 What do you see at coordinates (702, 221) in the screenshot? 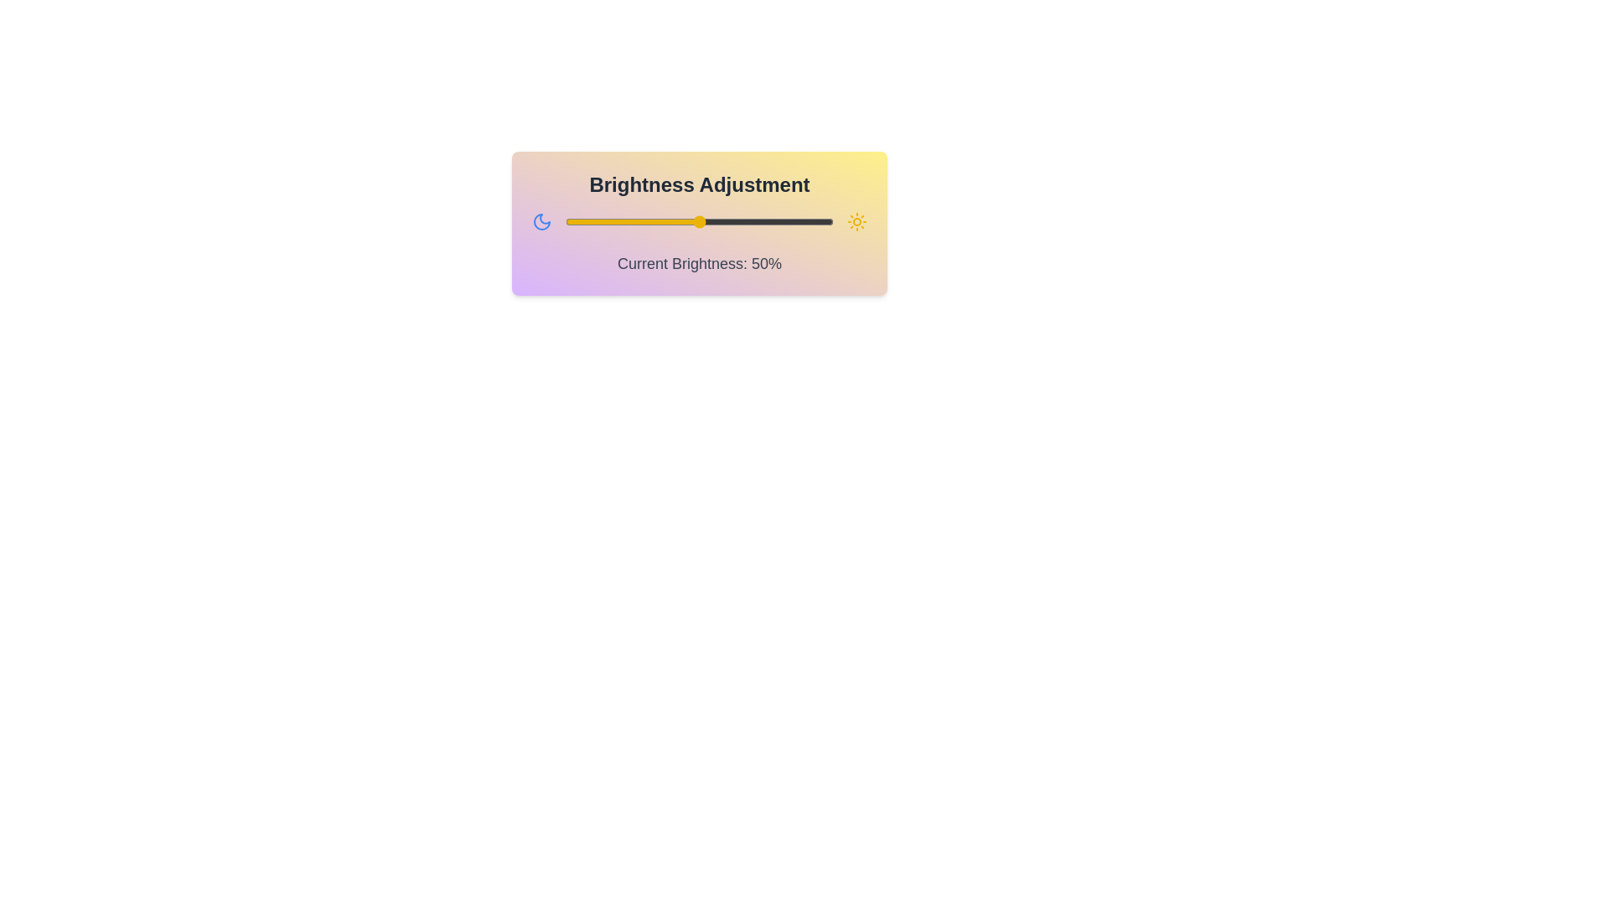
I see `the brightness slider to 51%` at bounding box center [702, 221].